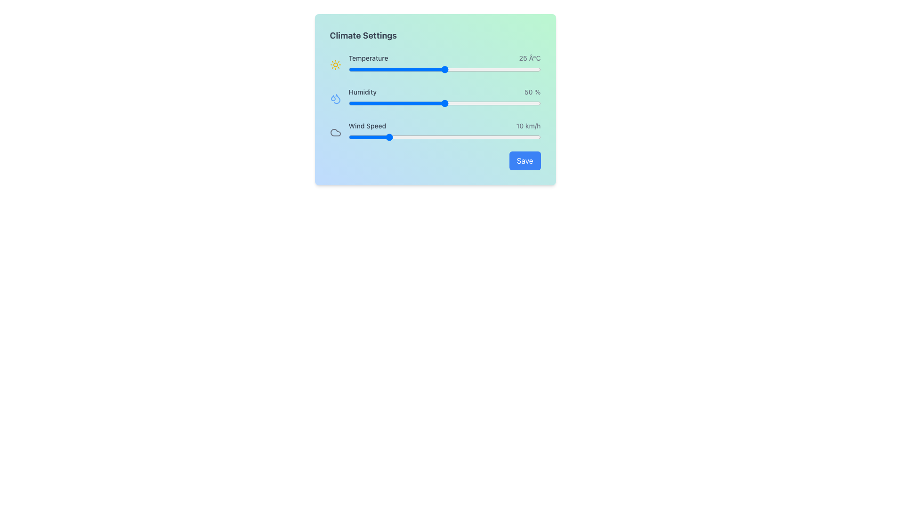 Image resolution: width=904 pixels, height=508 pixels. What do you see at coordinates (425, 137) in the screenshot?
I see `wind speed` at bounding box center [425, 137].